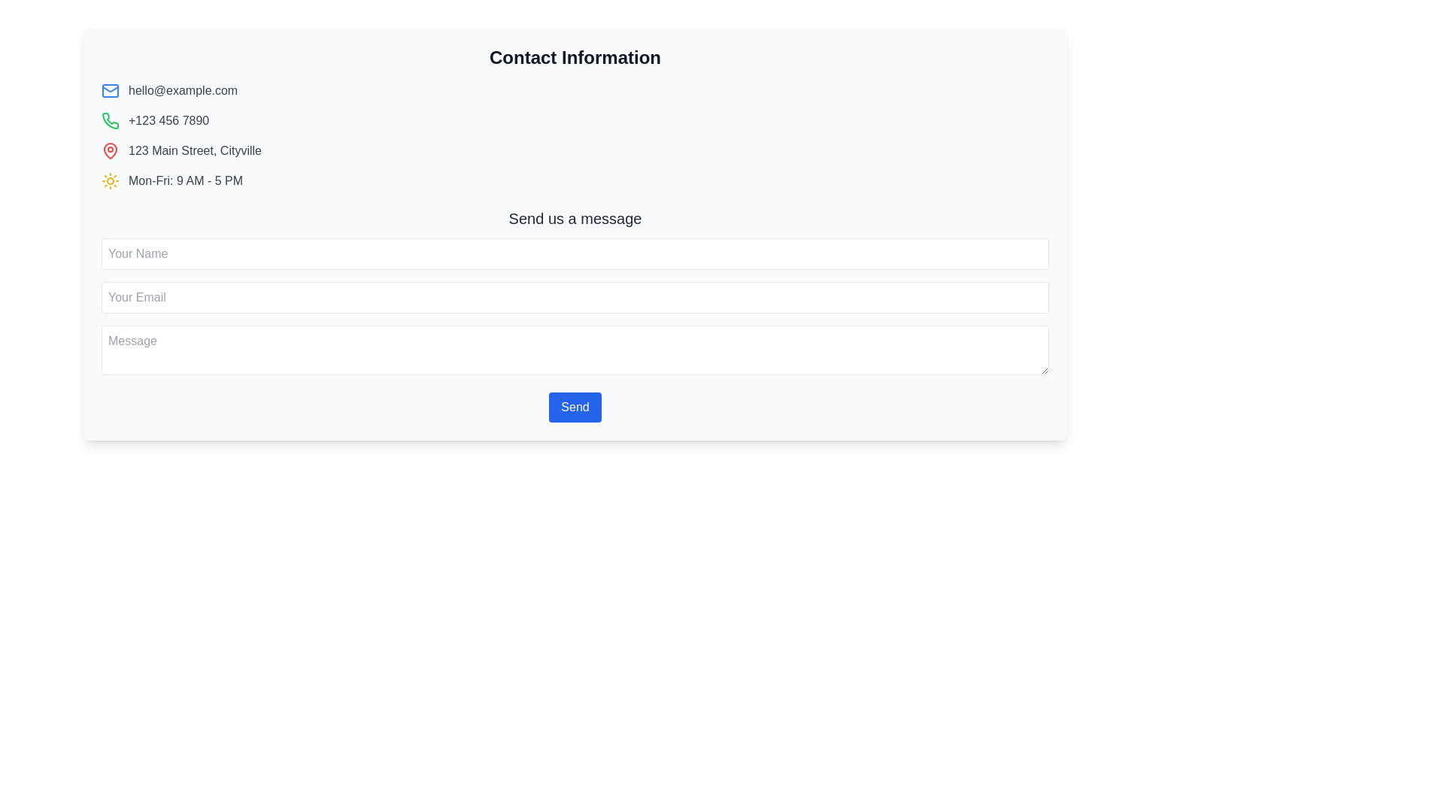 This screenshot has height=812, width=1444. What do you see at coordinates (185, 180) in the screenshot?
I see `static text label that indicates the operational time frame for service hours, located as the fourth item in the contact information list and directly to the right of the sun icon` at bounding box center [185, 180].